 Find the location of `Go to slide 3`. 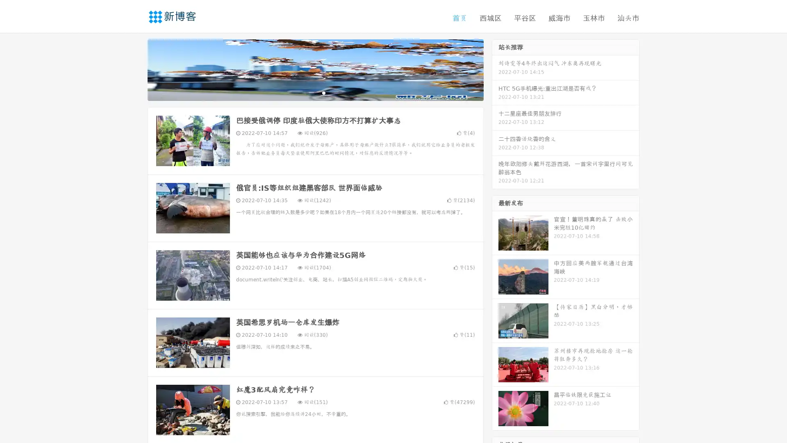

Go to slide 3 is located at coordinates (323, 92).